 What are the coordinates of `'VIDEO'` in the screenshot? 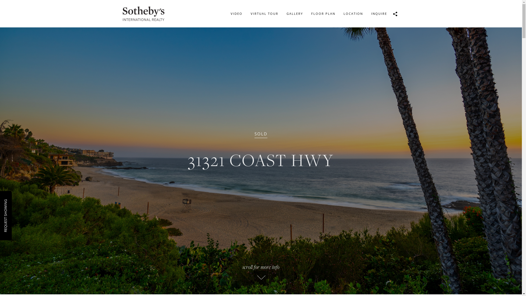 It's located at (236, 13).